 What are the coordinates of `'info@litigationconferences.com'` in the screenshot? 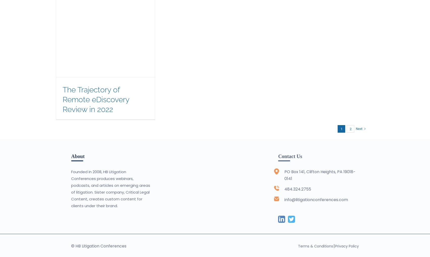 It's located at (316, 199).